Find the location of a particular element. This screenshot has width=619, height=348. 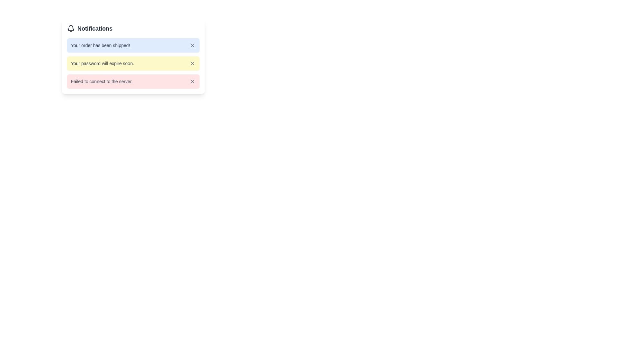

the second notification message in the notification panel titled 'Notifications', which is styled as a light yellow rounded rectangle and is positioned between a blue-tinted message above and a red-tinted message below is located at coordinates (133, 63).